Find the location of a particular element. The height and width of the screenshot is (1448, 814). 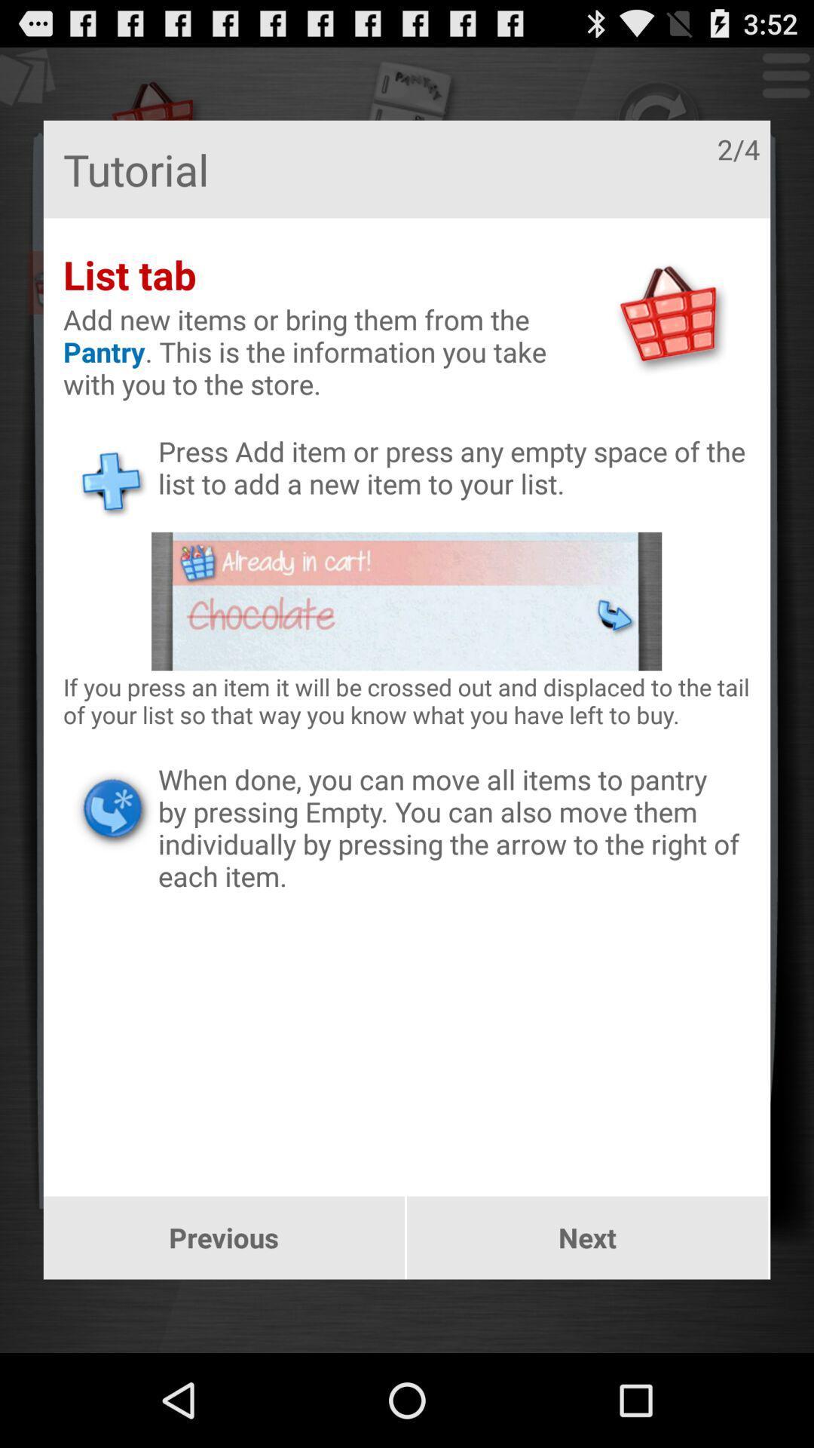

next icon is located at coordinates (586, 1238).